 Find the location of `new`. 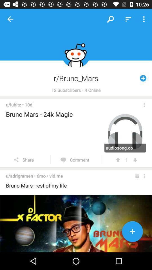

new is located at coordinates (132, 233).